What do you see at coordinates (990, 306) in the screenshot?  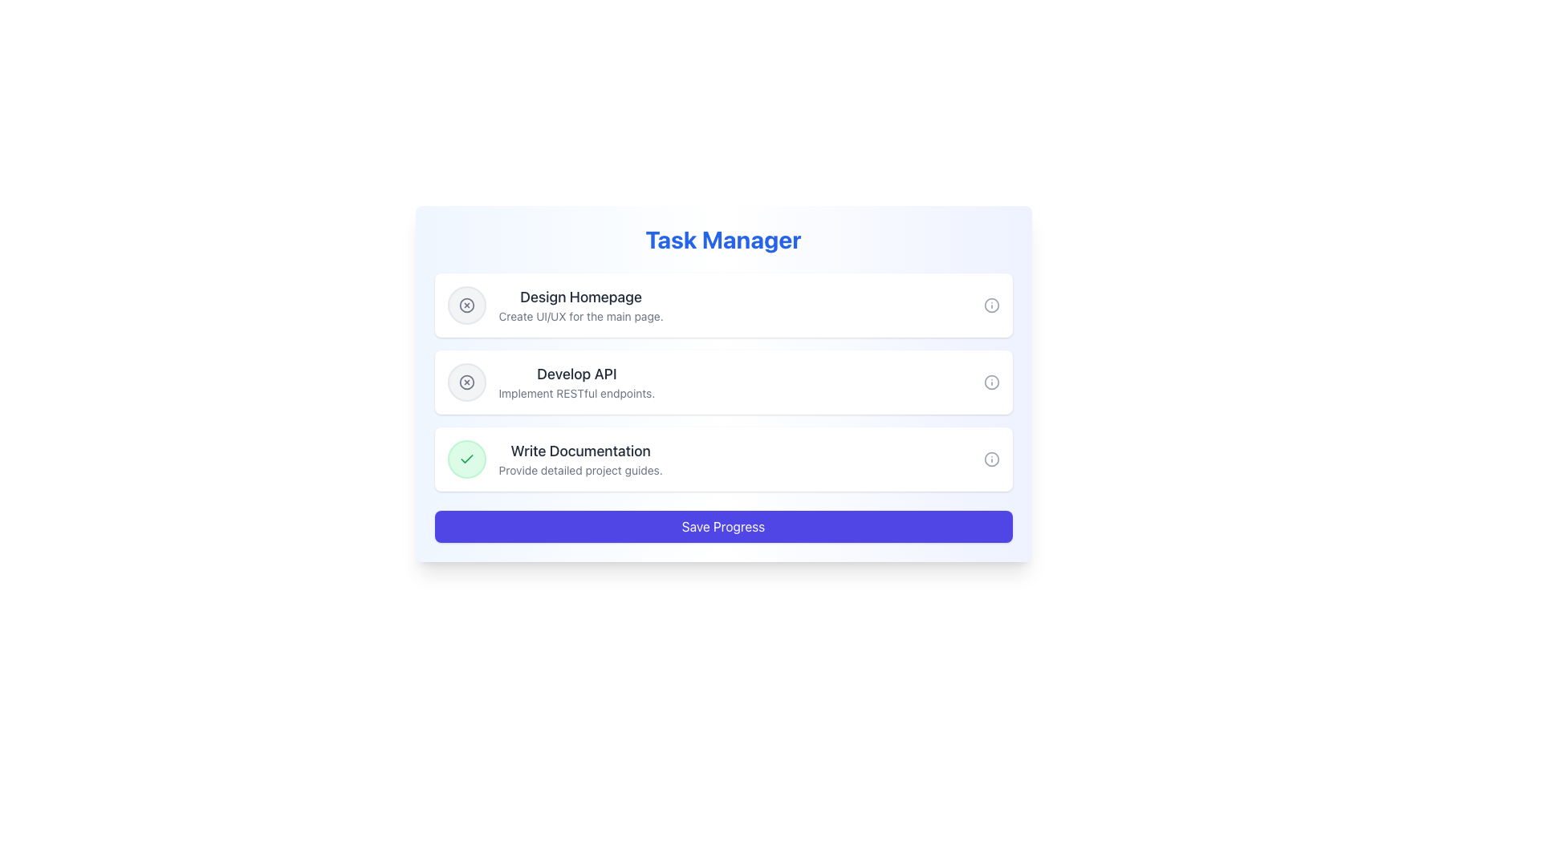 I see `the information icon, which is a gray circle with an 'i' in the center, located to the right of the task item labeled 'Design Homepage'` at bounding box center [990, 306].